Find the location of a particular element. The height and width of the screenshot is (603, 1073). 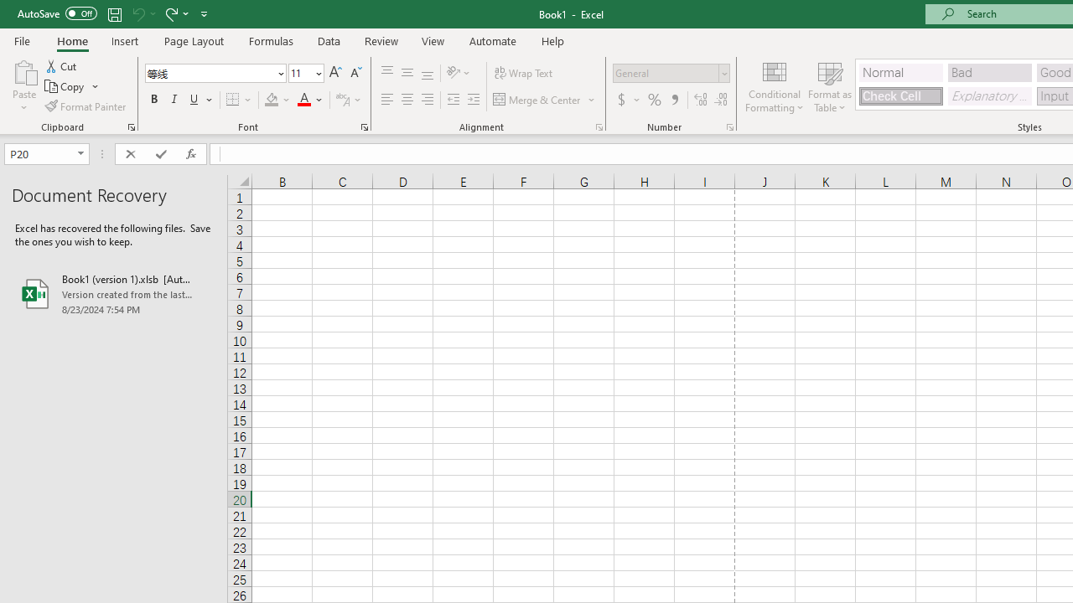

'Bold' is located at coordinates (153, 100).